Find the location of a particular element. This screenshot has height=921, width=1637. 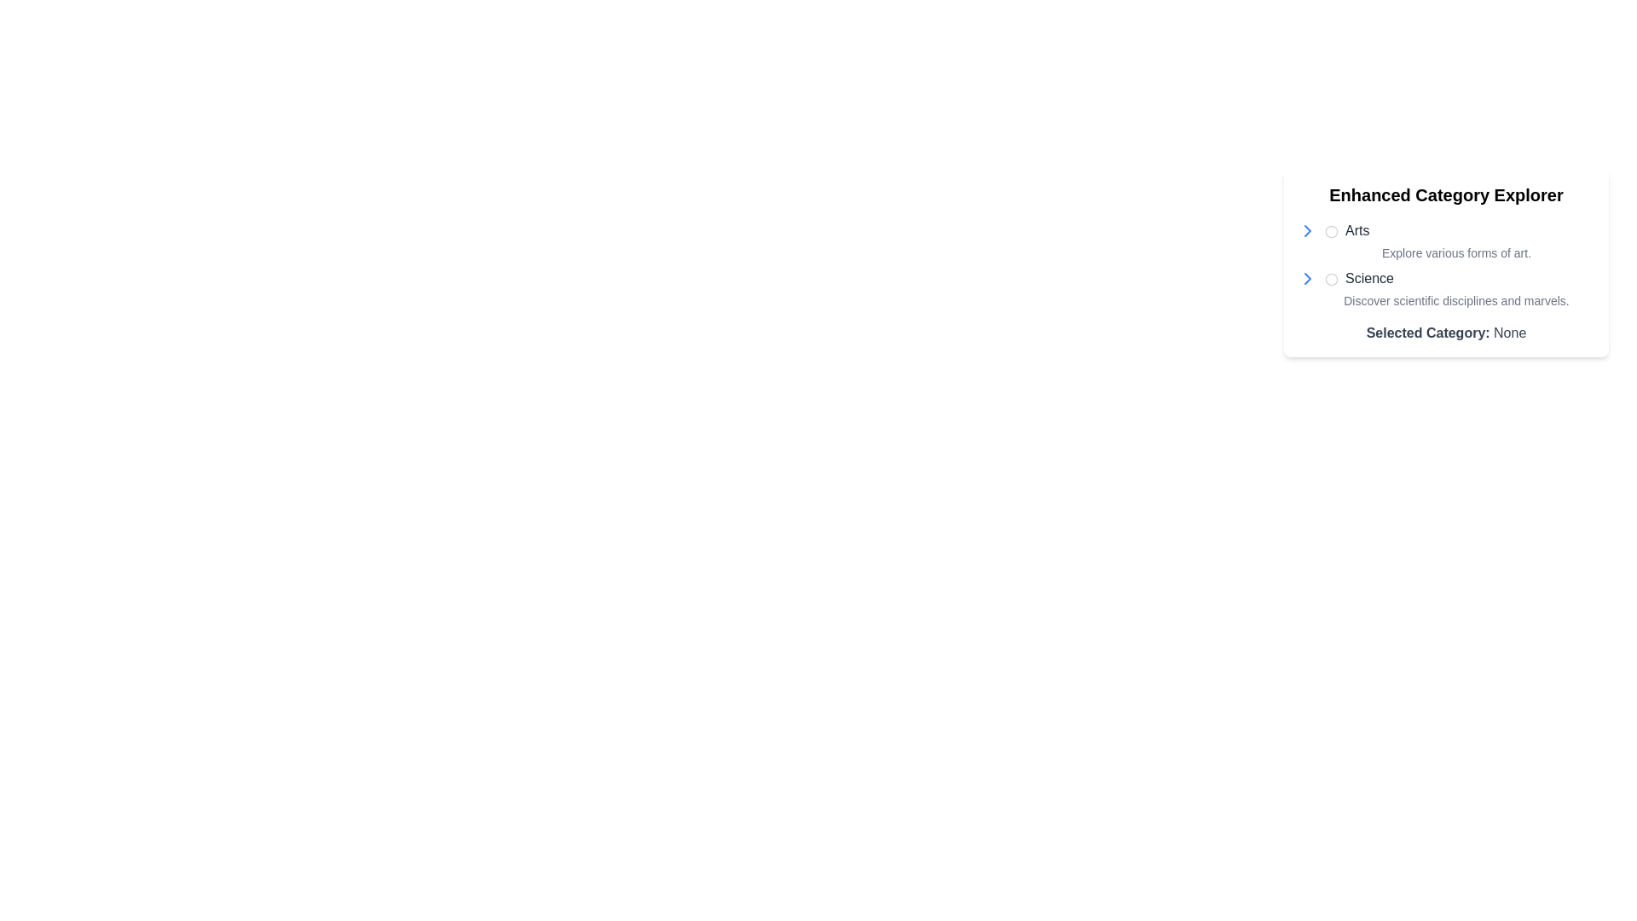

the 'What this Text section with descriptions does' element which provides an overview of the 'Arts' and 'Science' categories, located within the 'Enhanced Category Explorer' card is located at coordinates (1445, 265).